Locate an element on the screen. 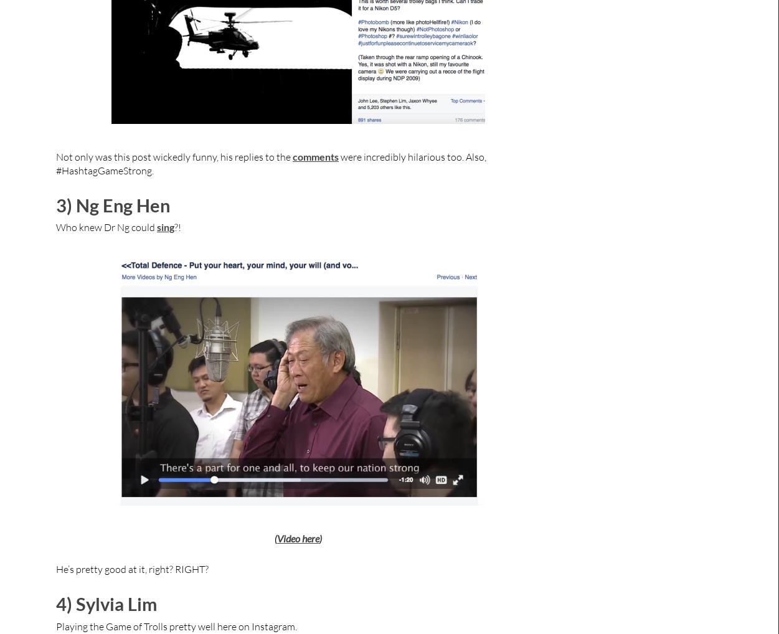 This screenshot has height=634, width=779. 'Playing the Game of Trolls pretty well here on Instagram.' is located at coordinates (176, 626).